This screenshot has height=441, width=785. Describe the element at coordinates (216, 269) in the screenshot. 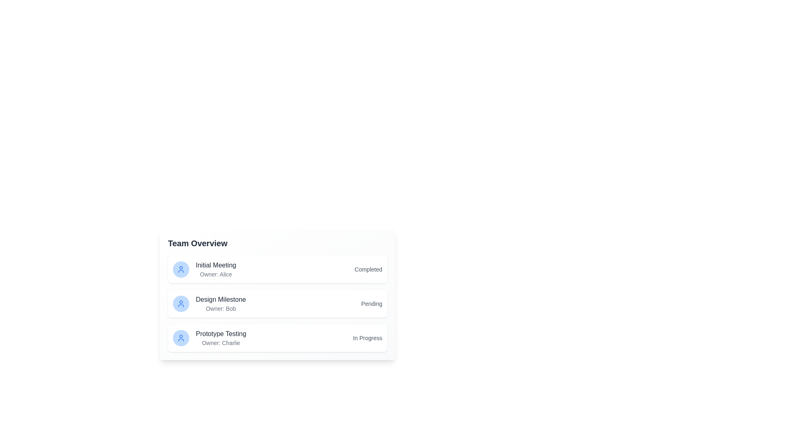

I see `the text block displaying the title 'Initial Meeting' and subtitle 'Owner: Alice', which is the first item in a vertically arranged list` at that location.